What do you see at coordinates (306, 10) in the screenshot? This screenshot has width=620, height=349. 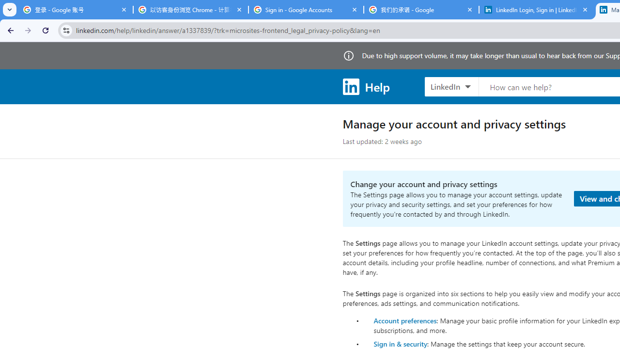 I see `'Sign in - Google Accounts'` at bounding box center [306, 10].